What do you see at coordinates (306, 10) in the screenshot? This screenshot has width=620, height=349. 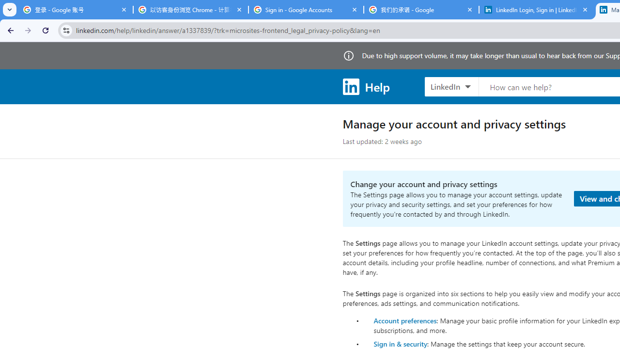 I see `'Sign in - Google Accounts'` at bounding box center [306, 10].